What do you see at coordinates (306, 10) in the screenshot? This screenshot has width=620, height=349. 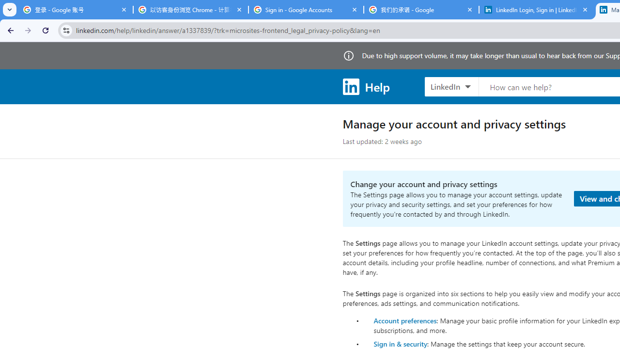 I see `'Sign in - Google Accounts'` at bounding box center [306, 10].